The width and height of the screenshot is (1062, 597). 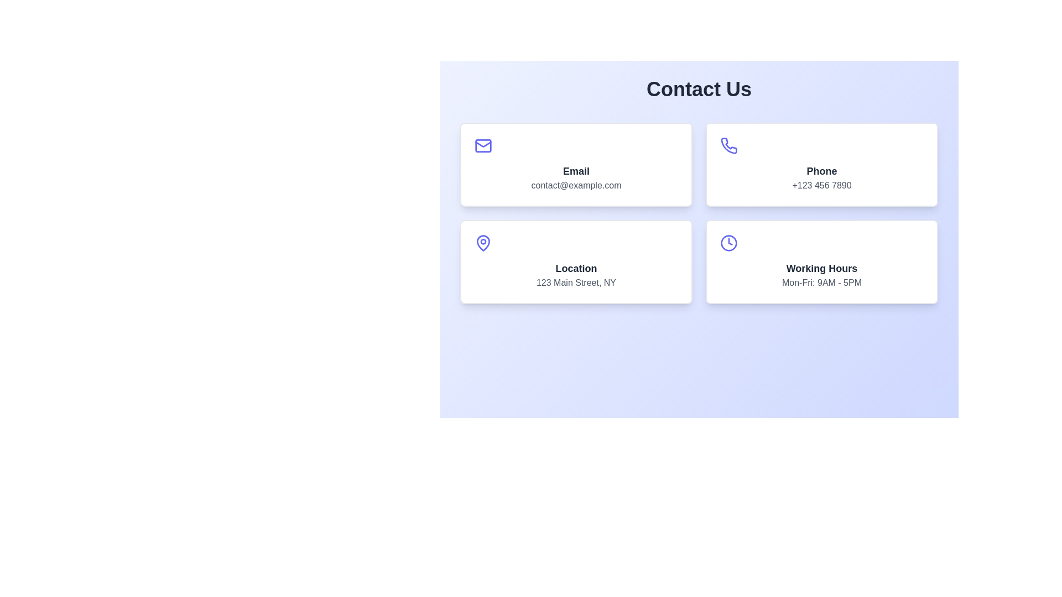 What do you see at coordinates (575, 269) in the screenshot?
I see `the 'Location' text element, which is displayed in bold, dark gray color and positioned above the smaller text '123 Main Street, NY'` at bounding box center [575, 269].